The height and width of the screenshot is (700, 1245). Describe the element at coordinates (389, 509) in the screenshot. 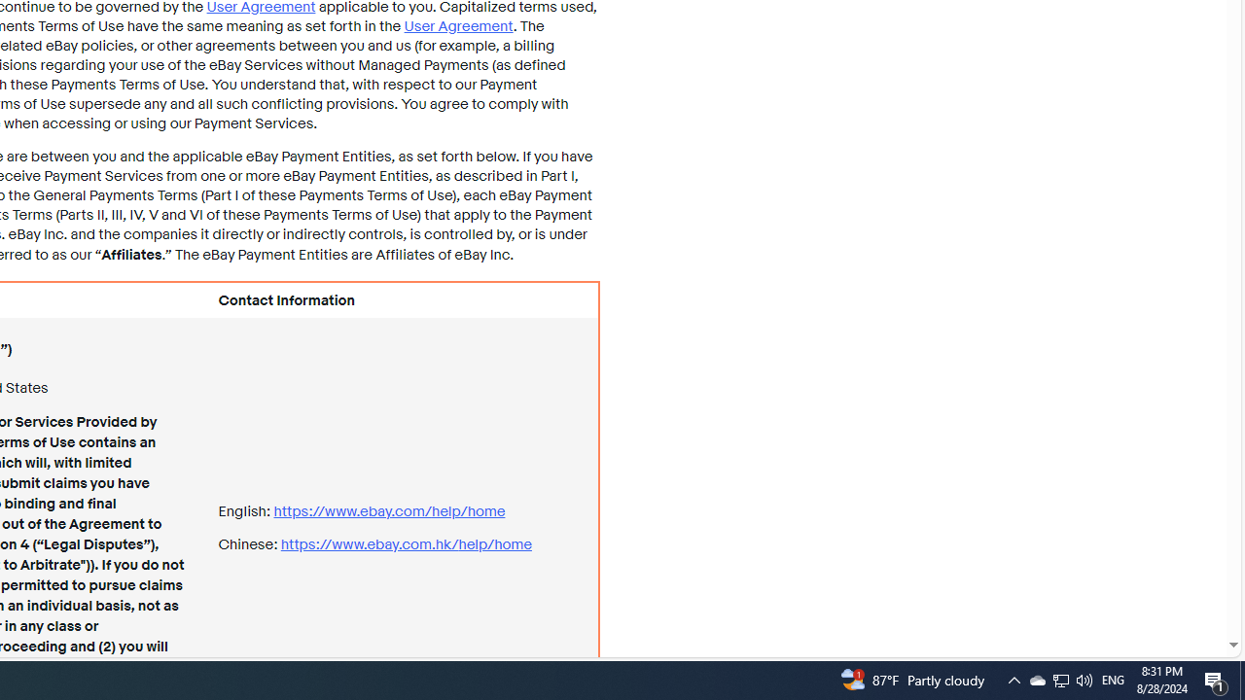

I see `'https://www.ebay.com/ help/home'` at that location.